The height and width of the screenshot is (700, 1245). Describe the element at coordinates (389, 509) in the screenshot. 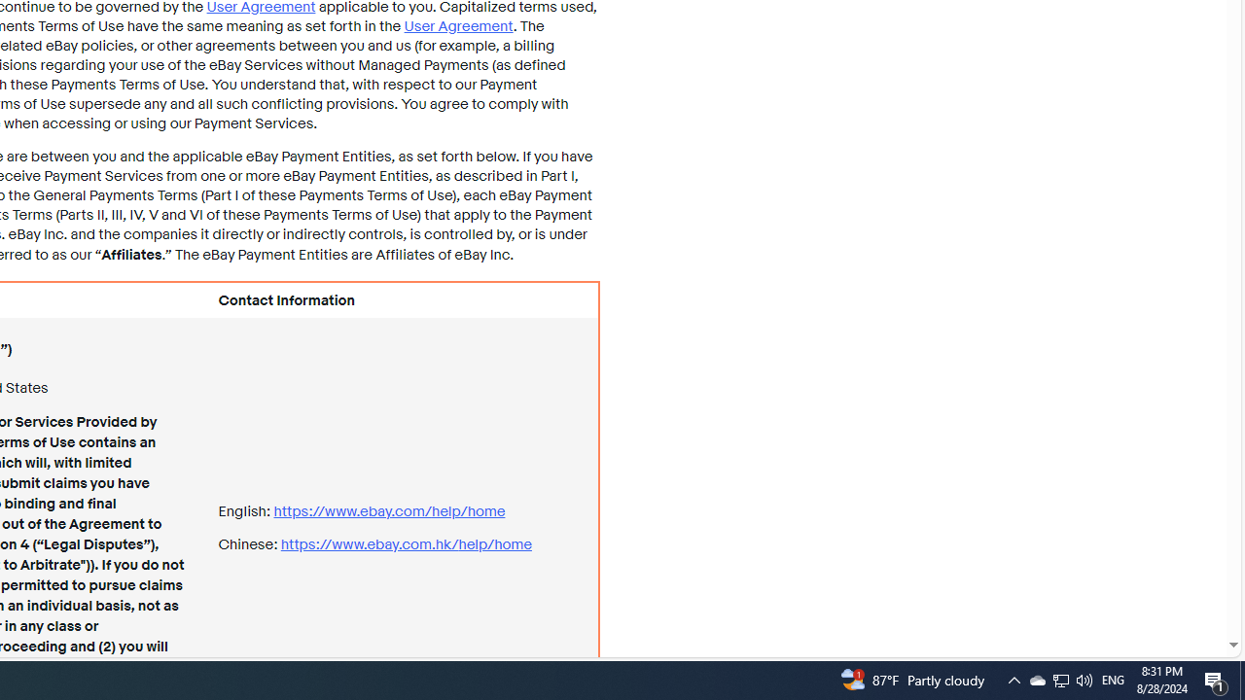

I see `'https://www.ebay.com/ help/home'` at that location.